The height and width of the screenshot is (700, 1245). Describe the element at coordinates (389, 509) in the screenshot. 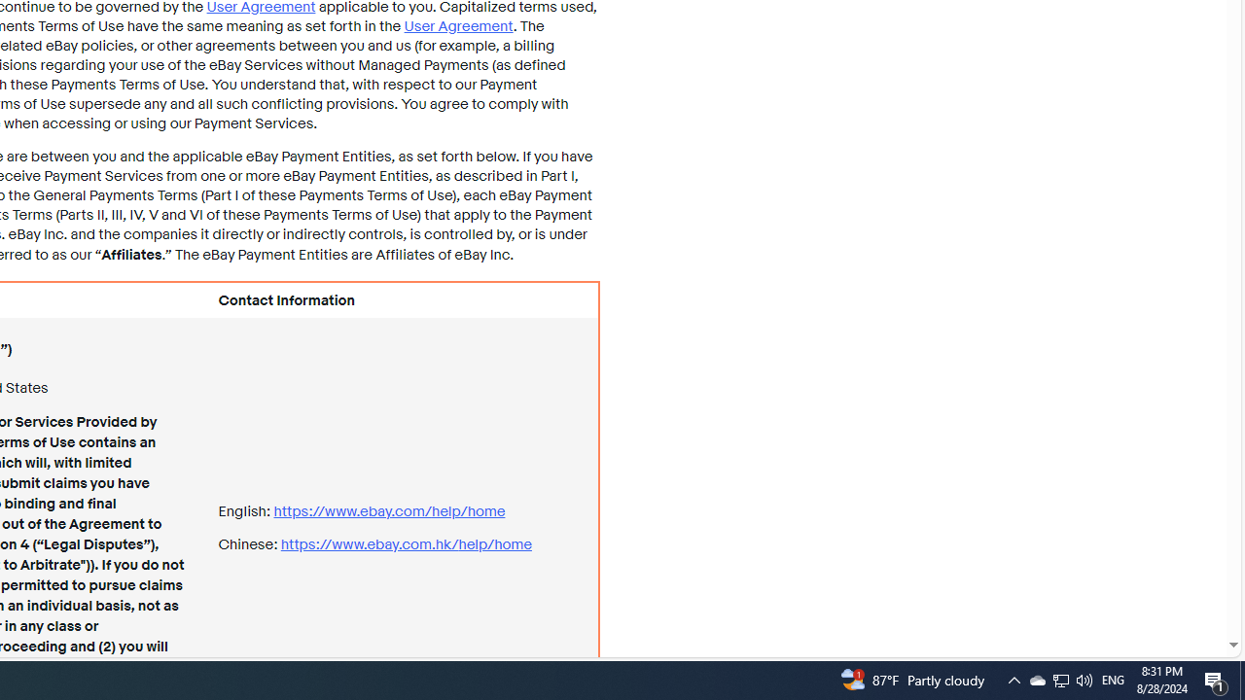

I see `'https://www.ebay.com/ help/home'` at that location.